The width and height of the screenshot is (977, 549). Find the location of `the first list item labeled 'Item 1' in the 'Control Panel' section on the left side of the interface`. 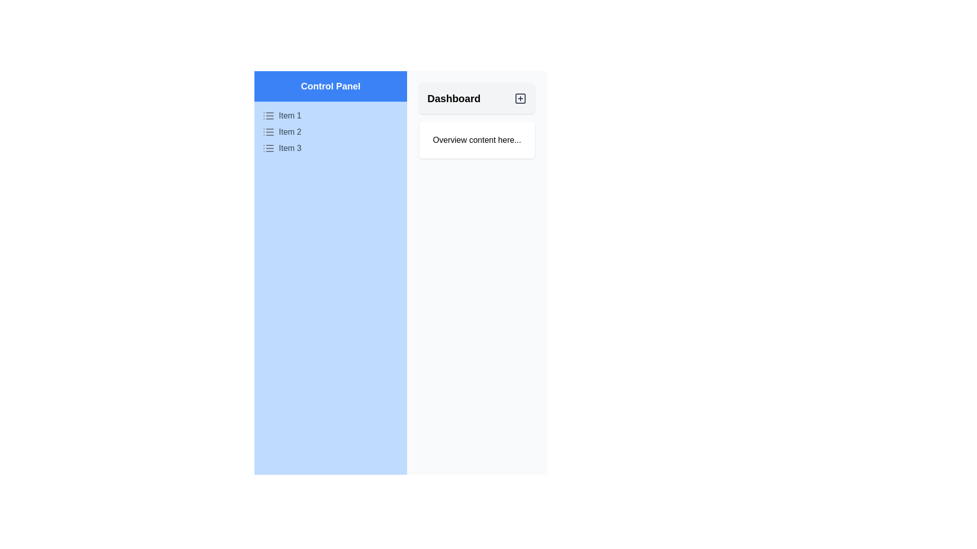

the first list item labeled 'Item 1' in the 'Control Panel' section on the left side of the interface is located at coordinates (330, 115).